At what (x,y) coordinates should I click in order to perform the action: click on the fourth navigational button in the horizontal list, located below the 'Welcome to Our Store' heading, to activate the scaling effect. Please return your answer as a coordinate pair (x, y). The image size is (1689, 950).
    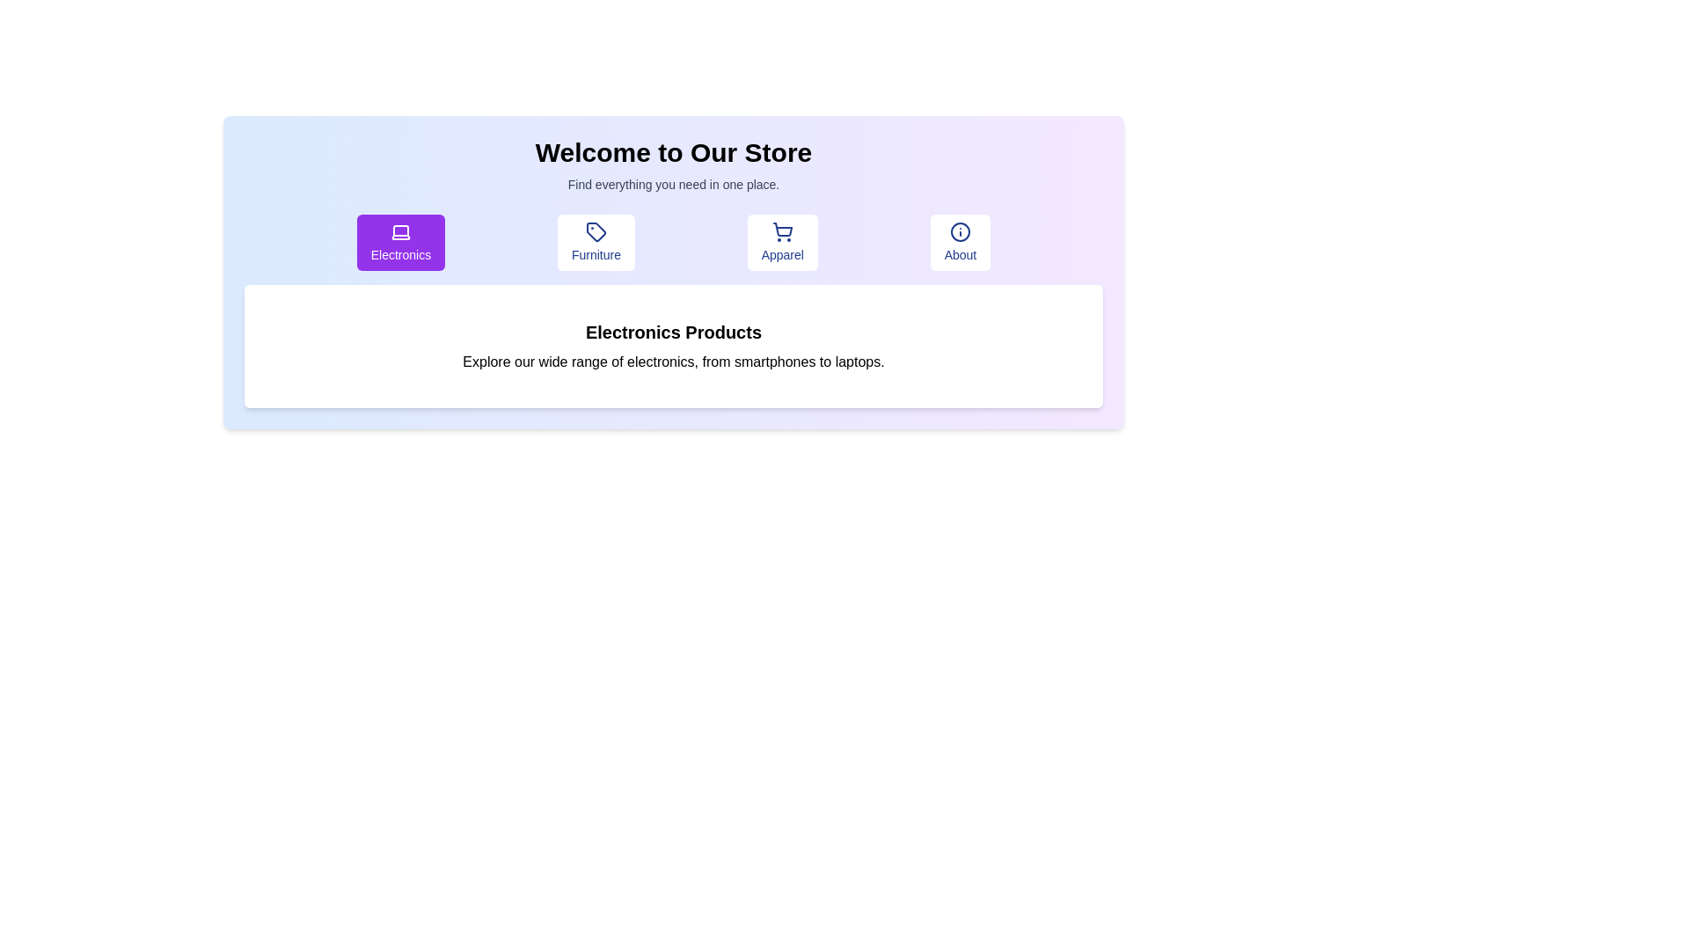
    Looking at the image, I should click on (959, 243).